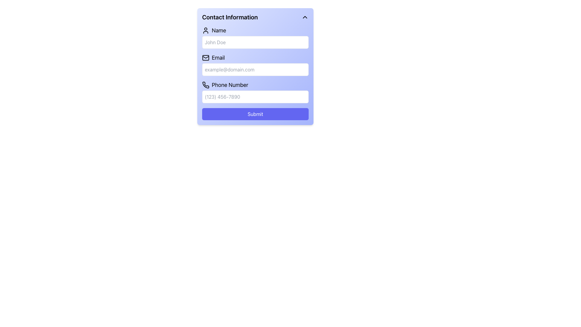 Image resolution: width=581 pixels, height=327 pixels. What do you see at coordinates (255, 64) in the screenshot?
I see `the email input field located below the 'Name' section in the 'Contact Information' form by` at bounding box center [255, 64].